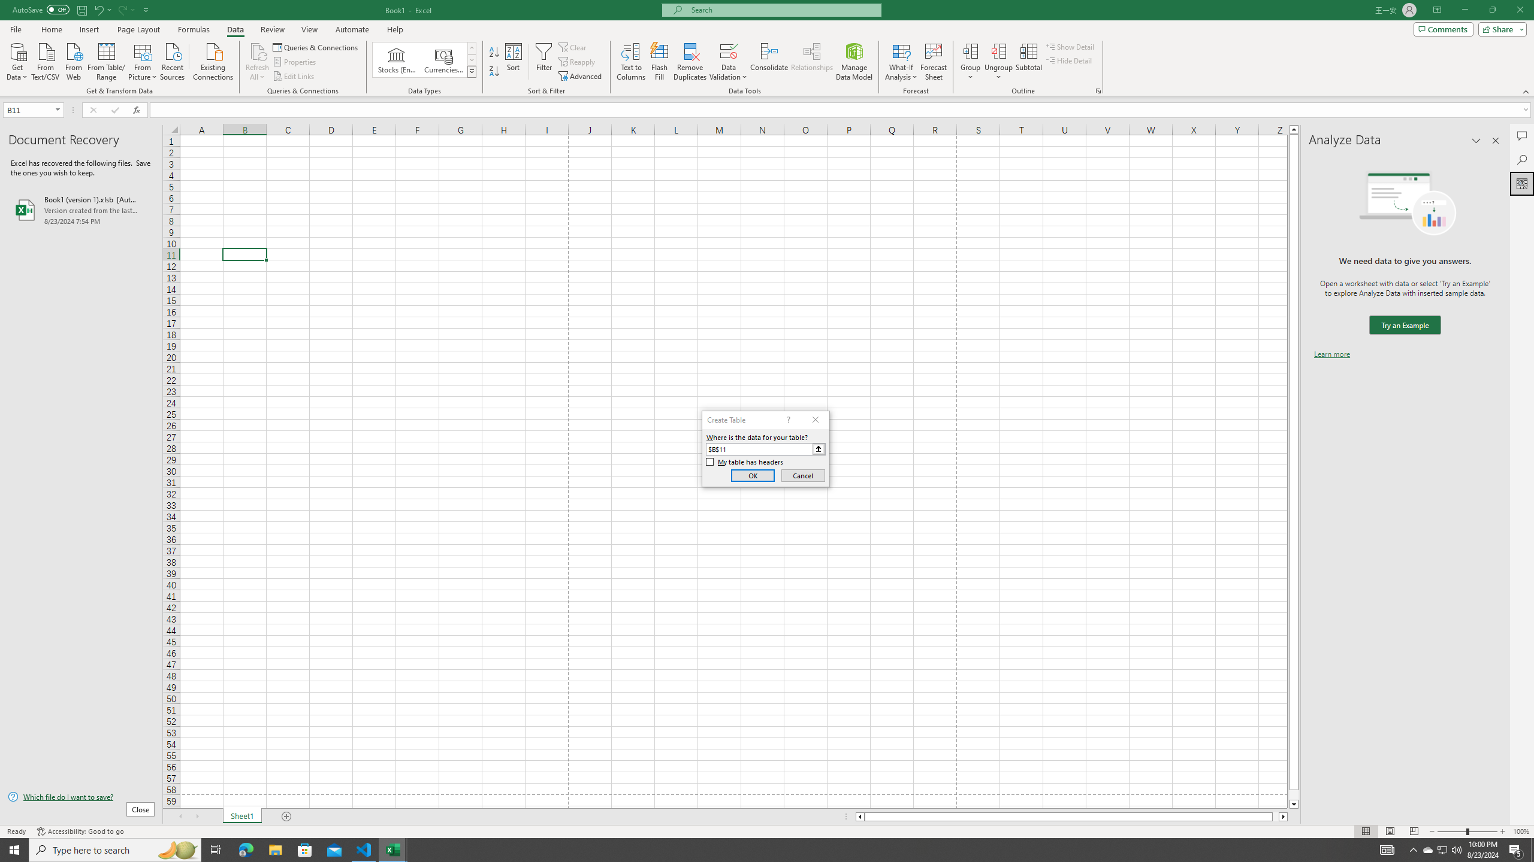 This screenshot has width=1534, height=862. I want to click on 'Task Pane Options', so click(1476, 140).